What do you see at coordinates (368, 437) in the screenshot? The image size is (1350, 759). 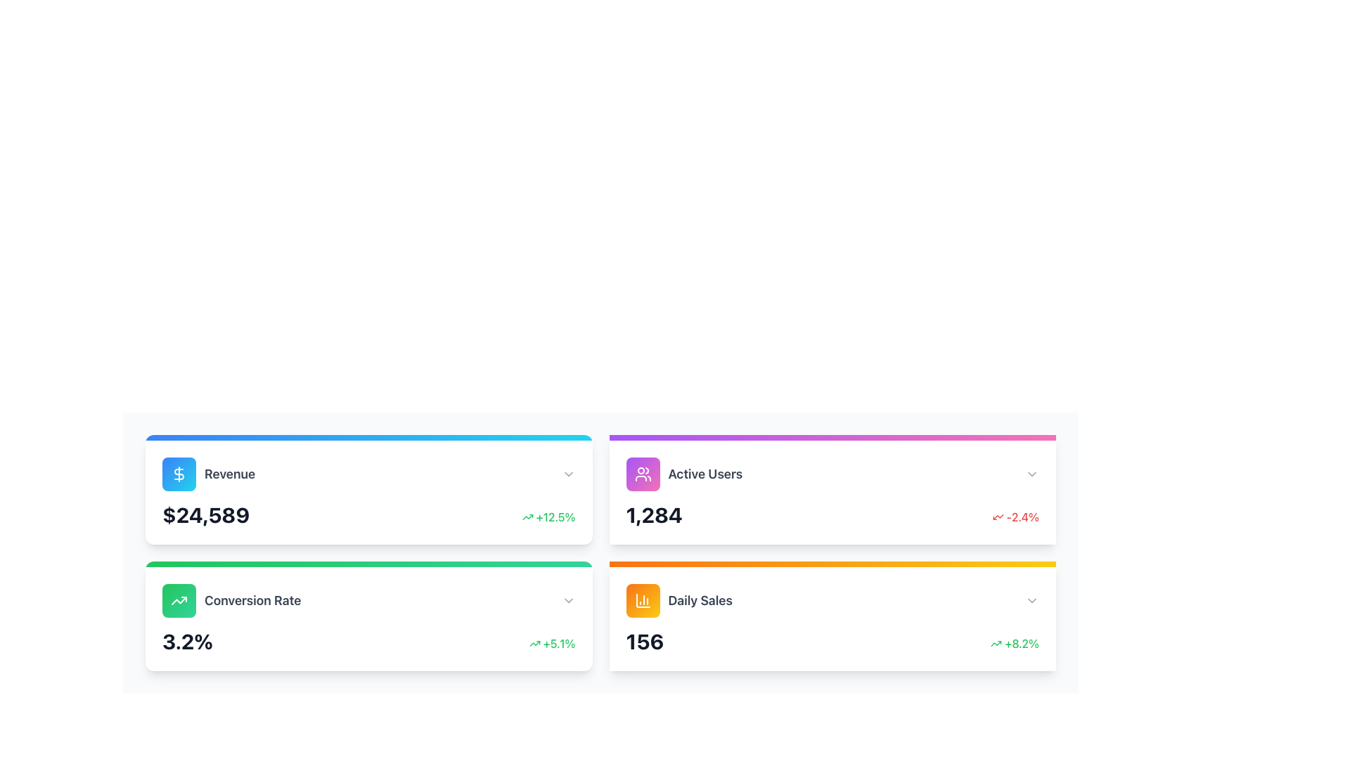 I see `the Accent bar located at the top of the 'Revenue' card, which features a gradient background from blue to cyan and spans the full width of the card` at bounding box center [368, 437].